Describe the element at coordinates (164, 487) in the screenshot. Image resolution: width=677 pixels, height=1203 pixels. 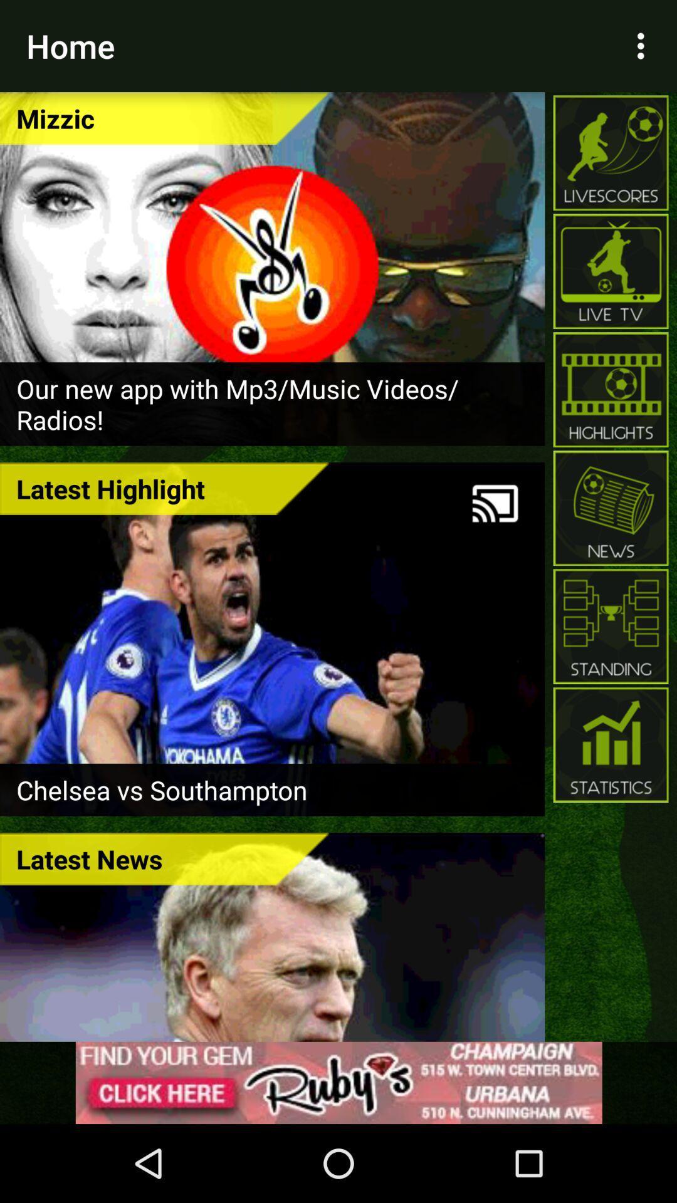
I see `icon above chelsea vs southampton` at that location.